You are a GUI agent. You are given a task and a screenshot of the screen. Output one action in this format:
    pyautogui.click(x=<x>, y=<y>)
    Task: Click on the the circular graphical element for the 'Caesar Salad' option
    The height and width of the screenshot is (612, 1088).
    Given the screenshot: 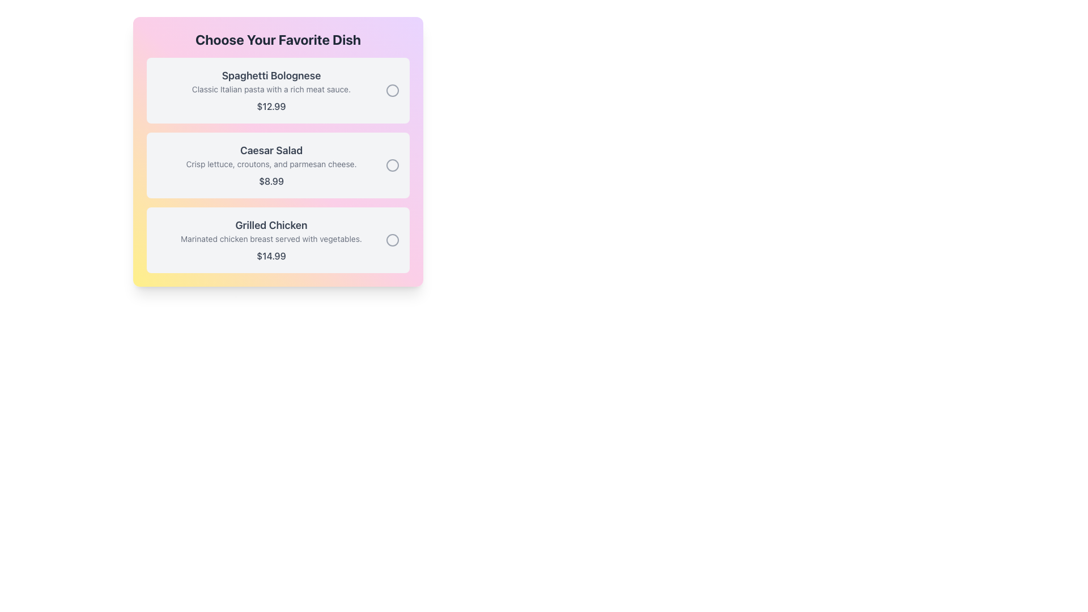 What is the action you would take?
    pyautogui.click(x=392, y=165)
    